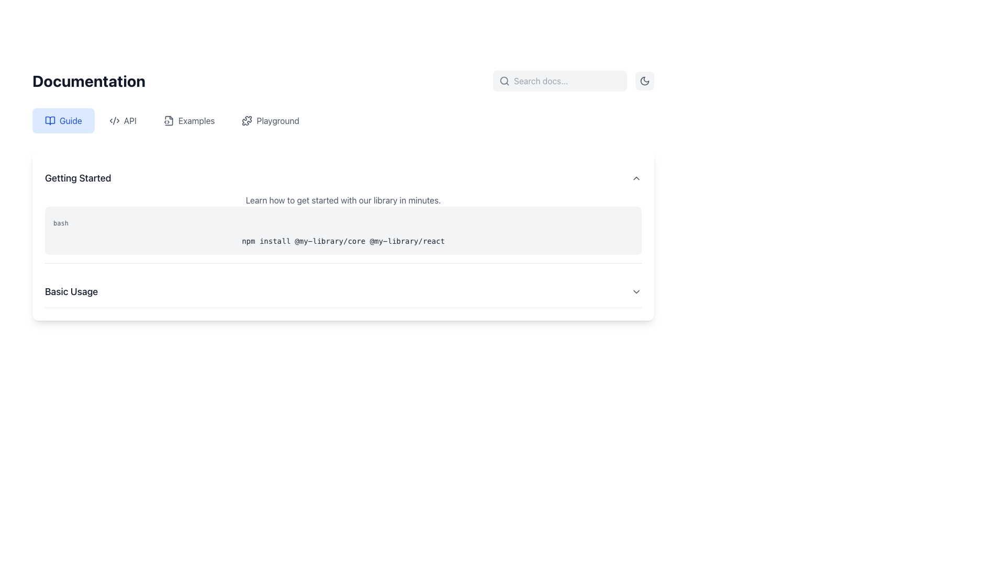 Image resolution: width=1005 pixels, height=565 pixels. Describe the element at coordinates (50, 120) in the screenshot. I see `the Decorative SVG icon representing an open book located in the top-left corner of the interface, part of a grouped icon in the navigation section` at that location.